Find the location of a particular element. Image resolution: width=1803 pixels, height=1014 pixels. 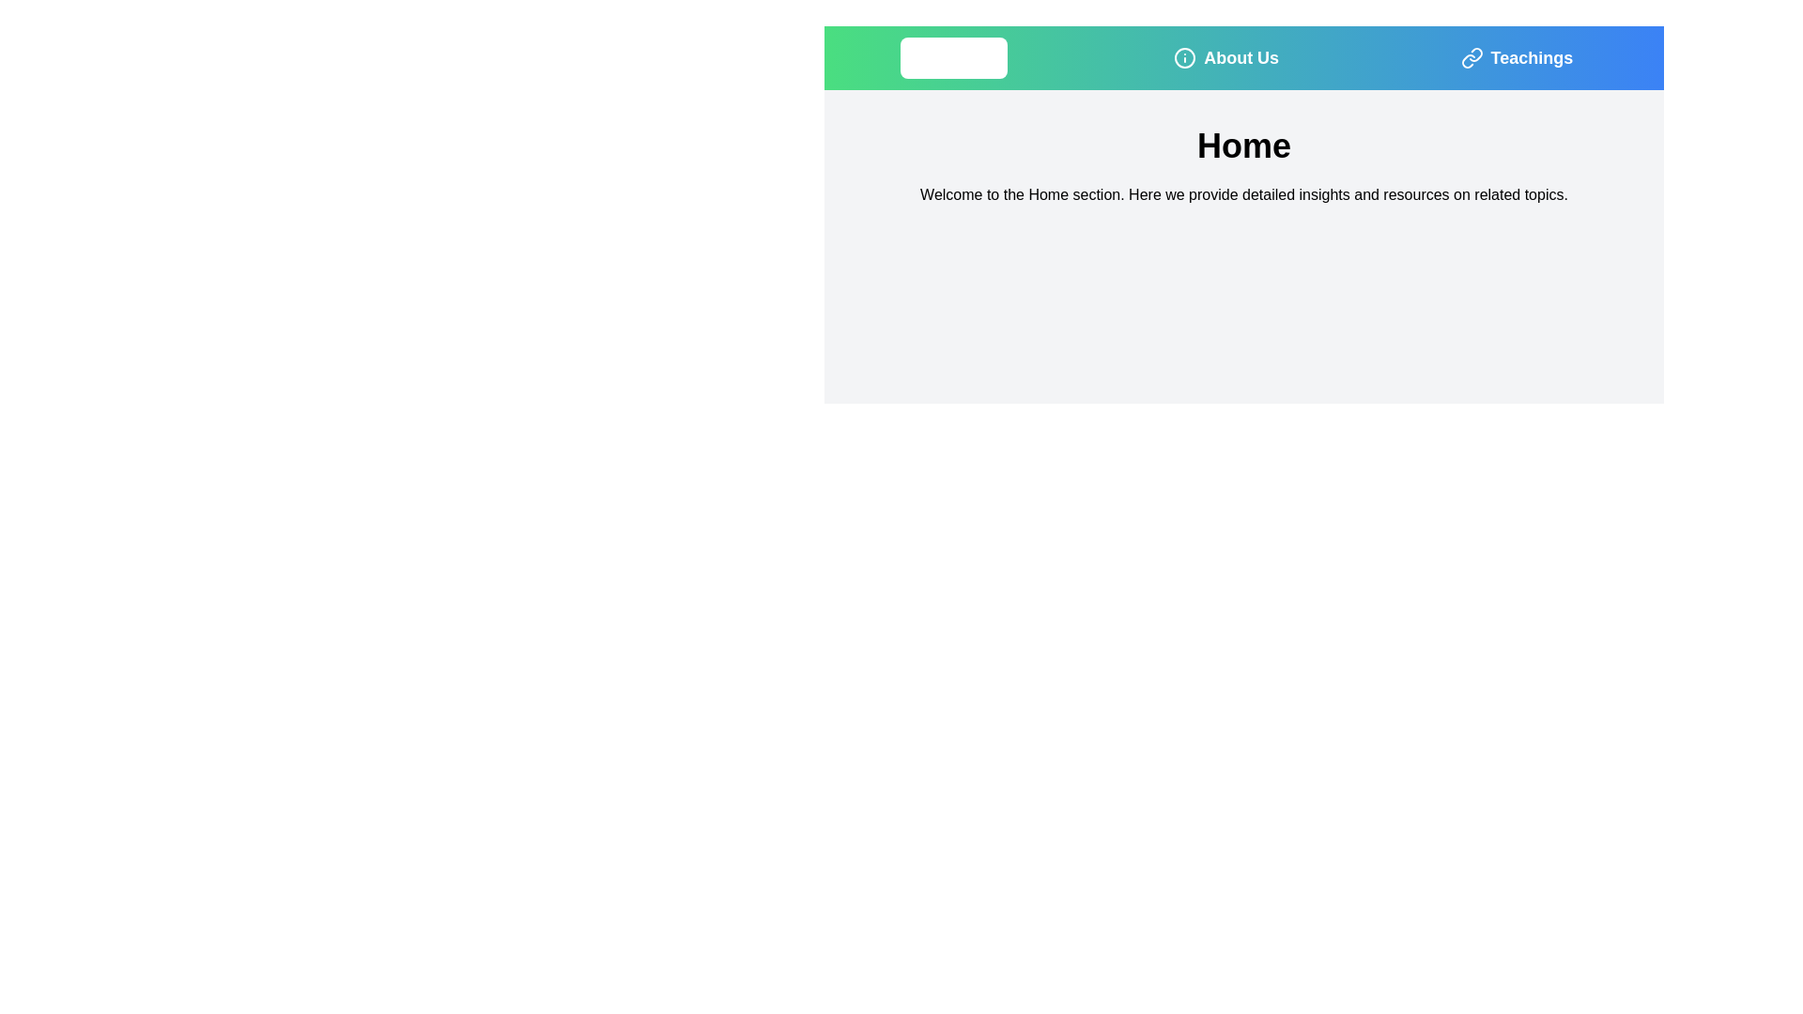

the text block displaying 'Welcome to the Home section. Here we provide detailed insights and resources on related topics.' which is located beneath the 'Home' heading is located at coordinates (1243, 195).